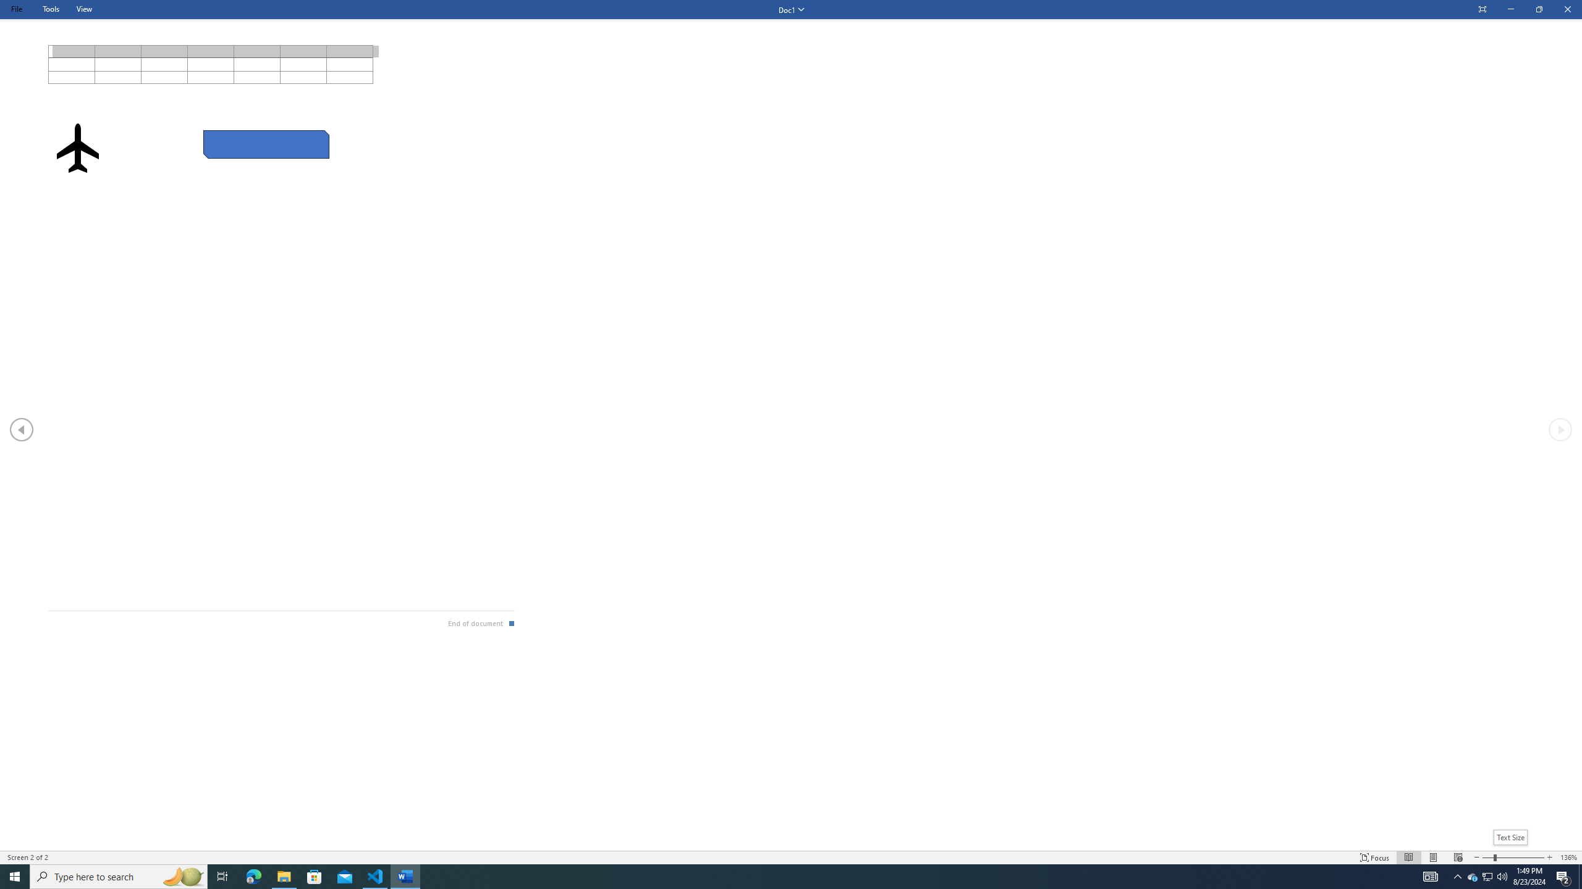 The image size is (1582, 889). Describe the element at coordinates (7, 6) in the screenshot. I see `'System'` at that location.